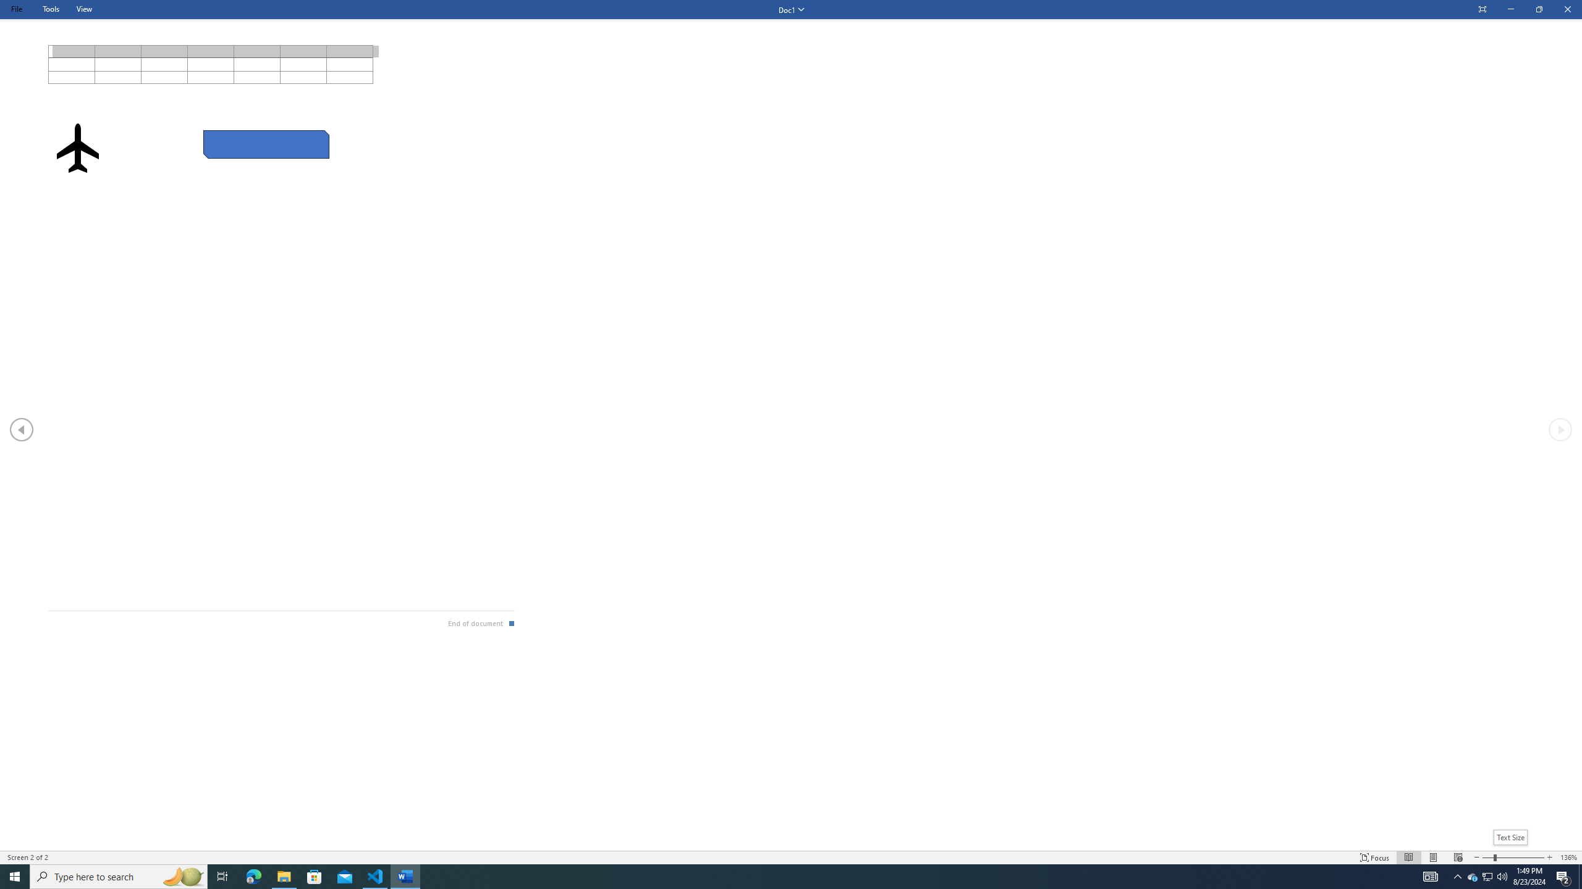 The image size is (1582, 889). Describe the element at coordinates (7, 6) in the screenshot. I see `'System'` at that location.